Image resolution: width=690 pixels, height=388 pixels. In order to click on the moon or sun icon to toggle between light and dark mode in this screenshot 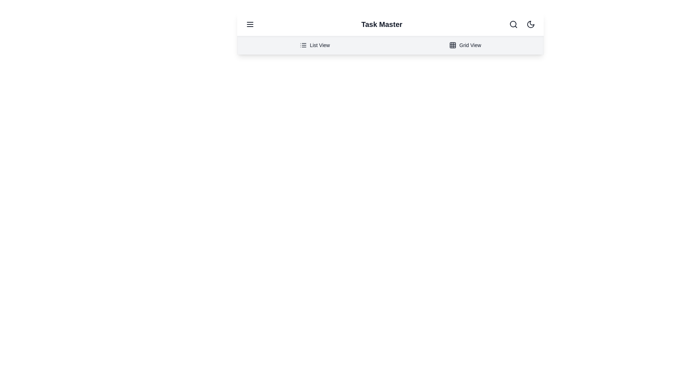, I will do `click(531, 24)`.